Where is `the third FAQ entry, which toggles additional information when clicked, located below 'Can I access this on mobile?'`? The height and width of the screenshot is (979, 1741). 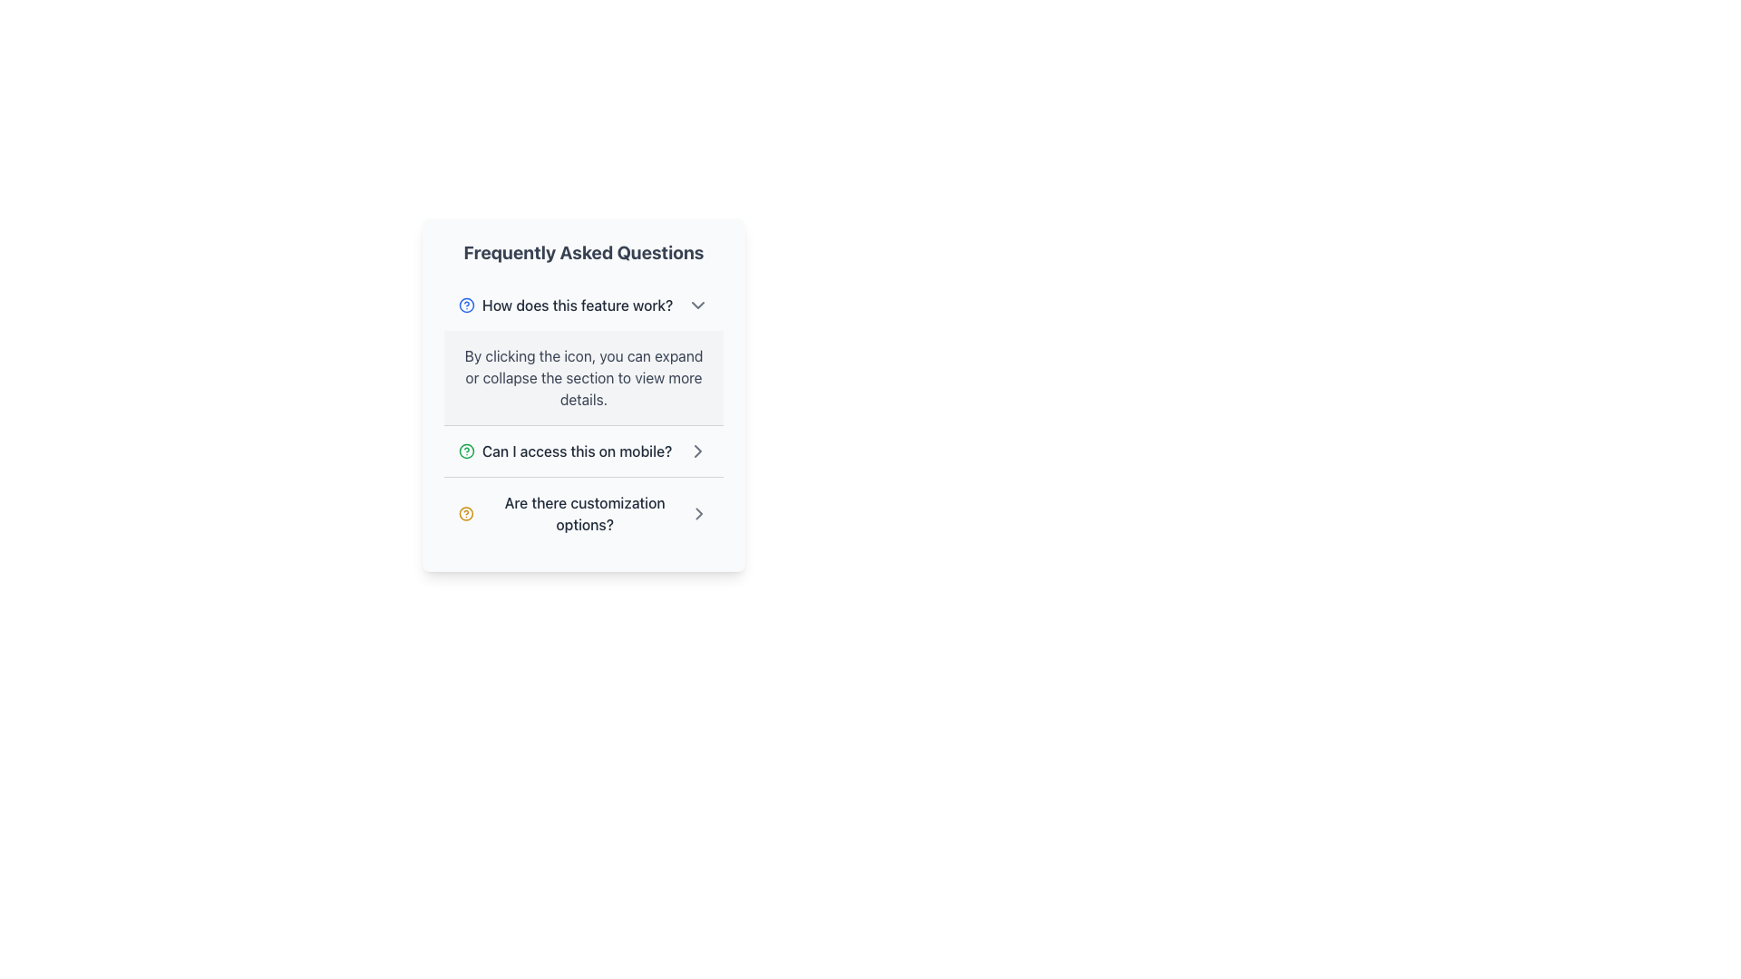
the third FAQ entry, which toggles additional information when clicked, located below 'Can I access this on mobile?' is located at coordinates (583, 514).